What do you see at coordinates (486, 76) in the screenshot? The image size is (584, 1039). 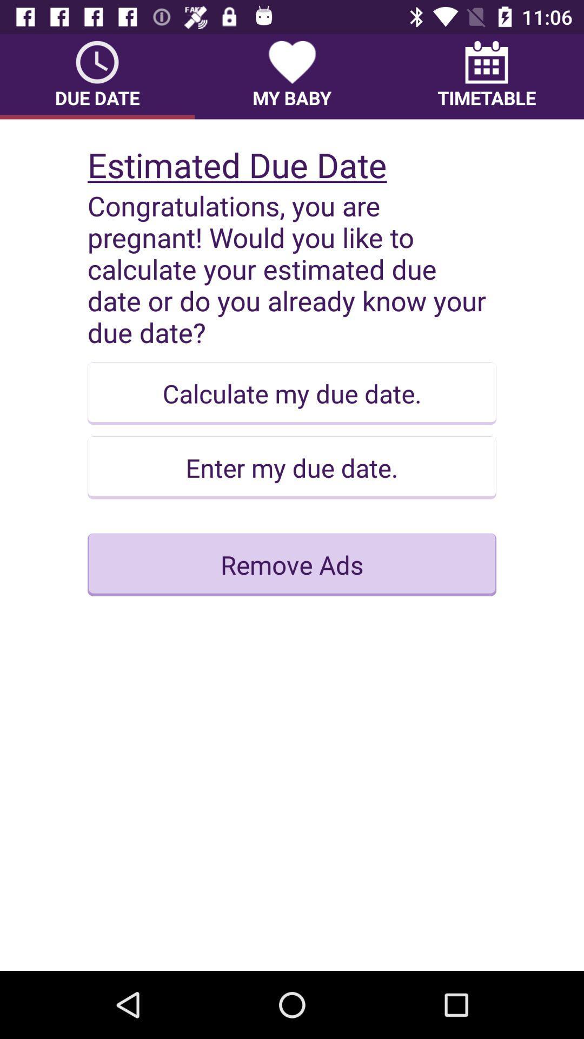 I see `item to the right of my baby item` at bounding box center [486, 76].